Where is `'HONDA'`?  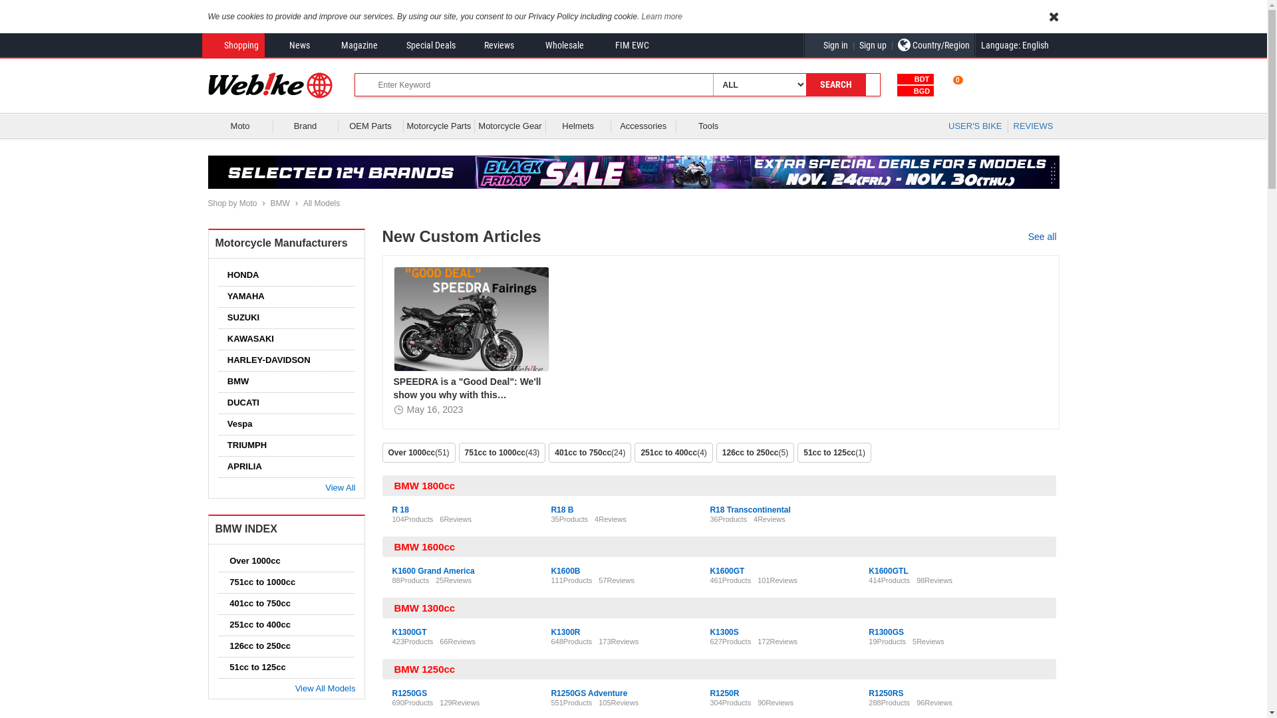 'HONDA' is located at coordinates (239, 274).